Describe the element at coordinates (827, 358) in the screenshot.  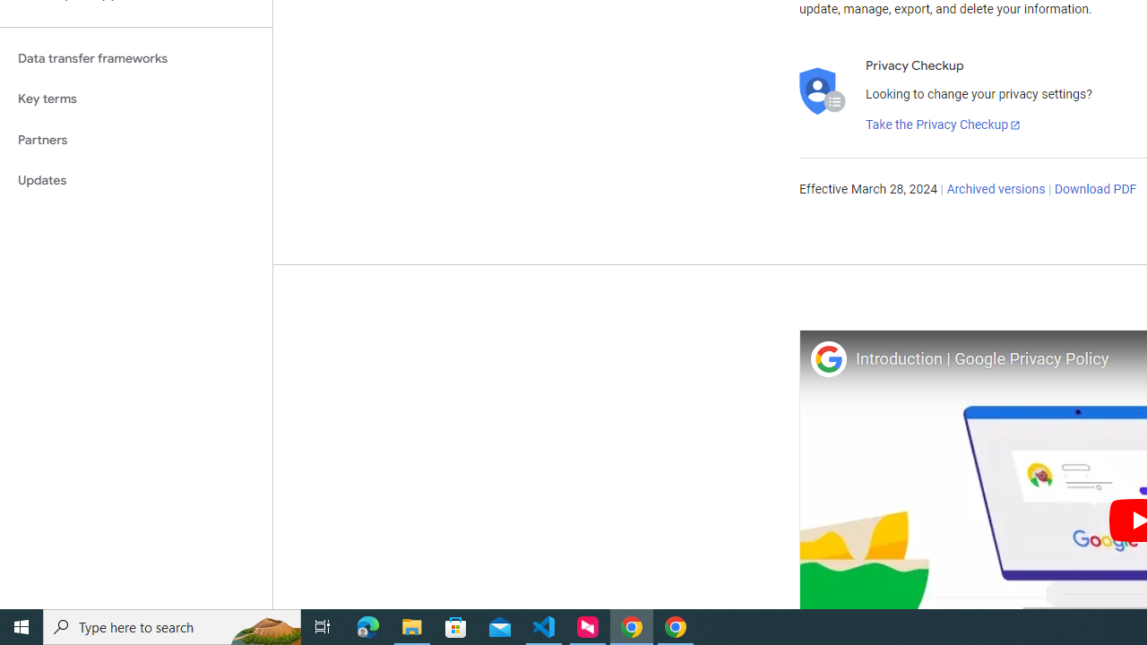
I see `'Photo image of Google'` at that location.